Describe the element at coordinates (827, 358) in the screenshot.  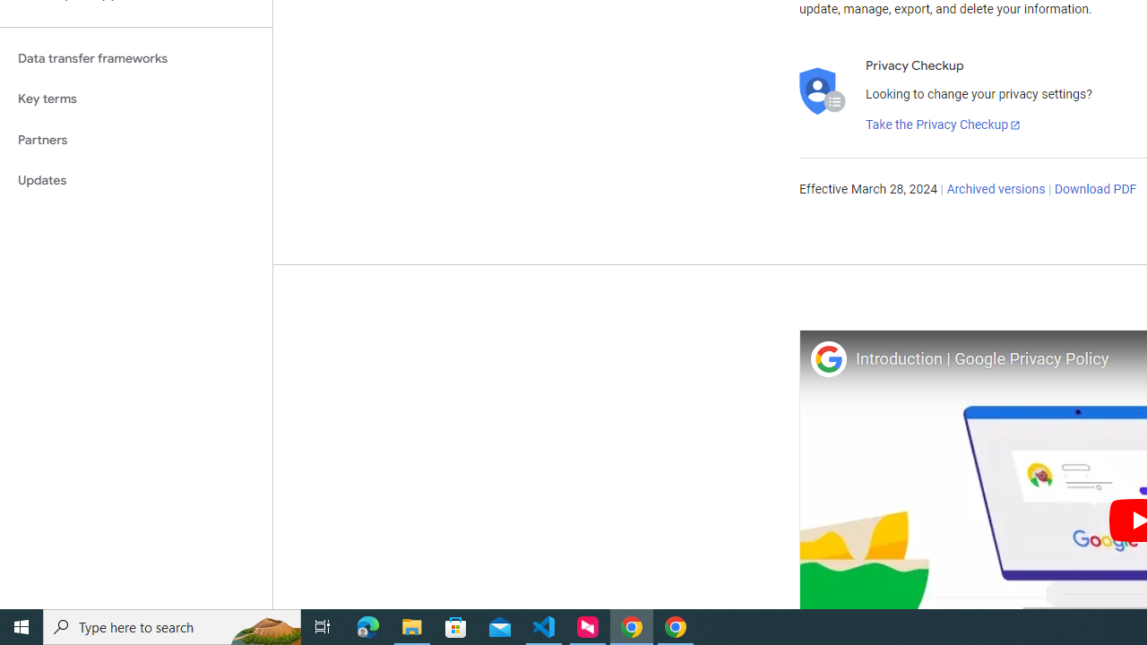
I see `'Photo image of Google'` at that location.